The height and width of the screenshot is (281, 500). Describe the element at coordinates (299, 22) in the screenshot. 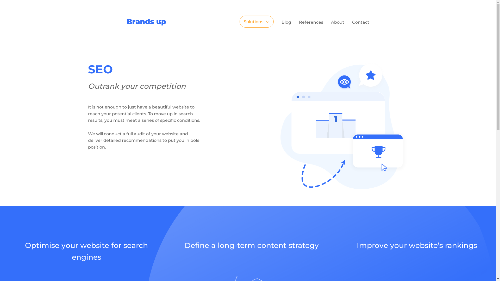

I see `'References'` at that location.